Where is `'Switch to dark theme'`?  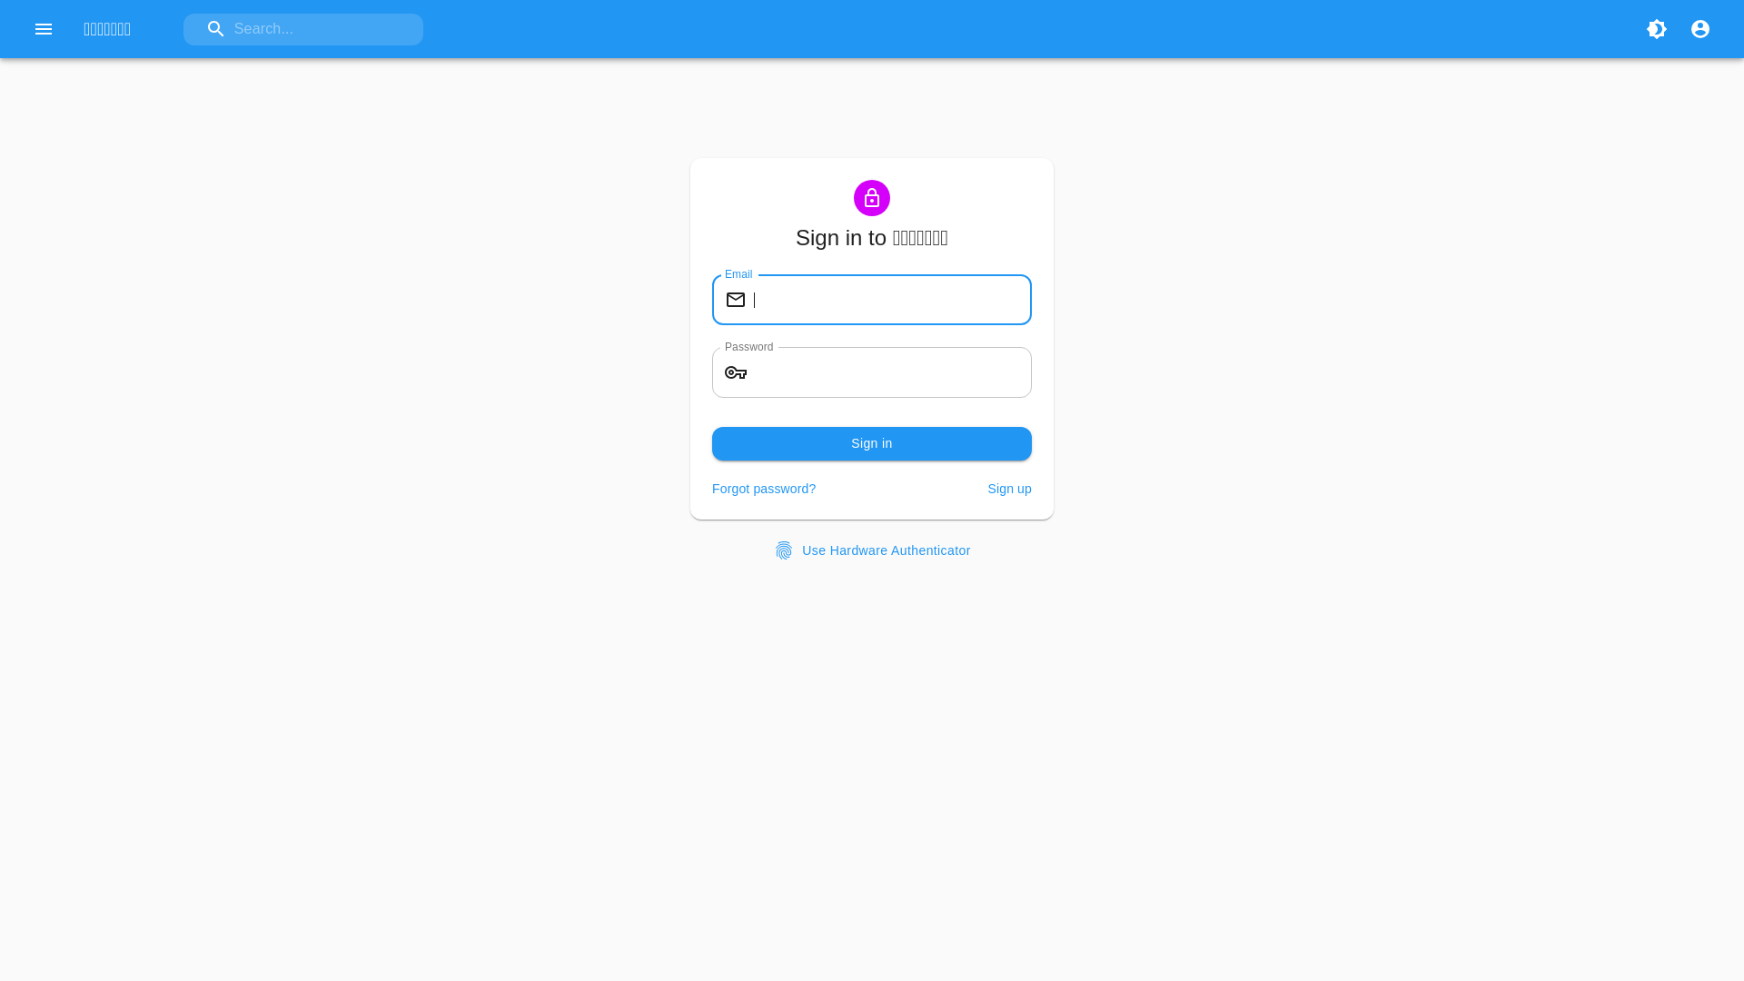
'Switch to dark theme' is located at coordinates (1657, 28).